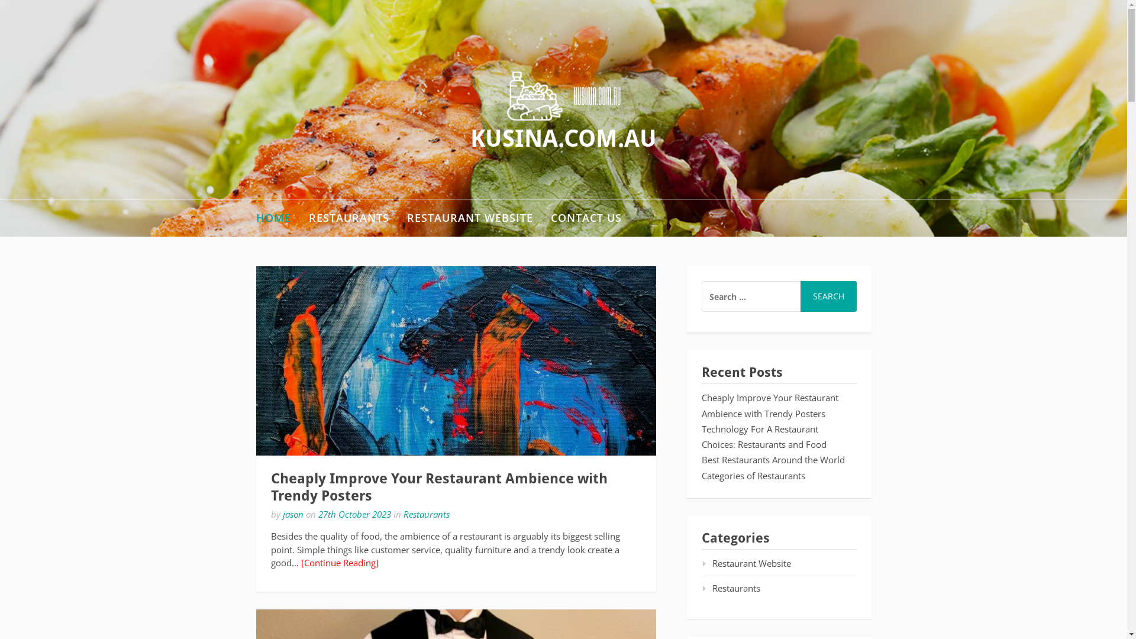 The height and width of the screenshot is (639, 1136). I want to click on 'Technology For A Restaurant', so click(760, 429).